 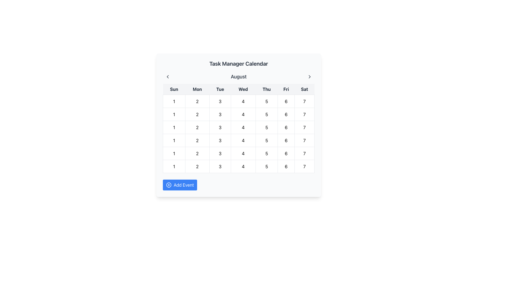 I want to click on the text element representing the calendar date in the third column of the second row (Tuesday) to observe the hover effect, so click(x=220, y=166).